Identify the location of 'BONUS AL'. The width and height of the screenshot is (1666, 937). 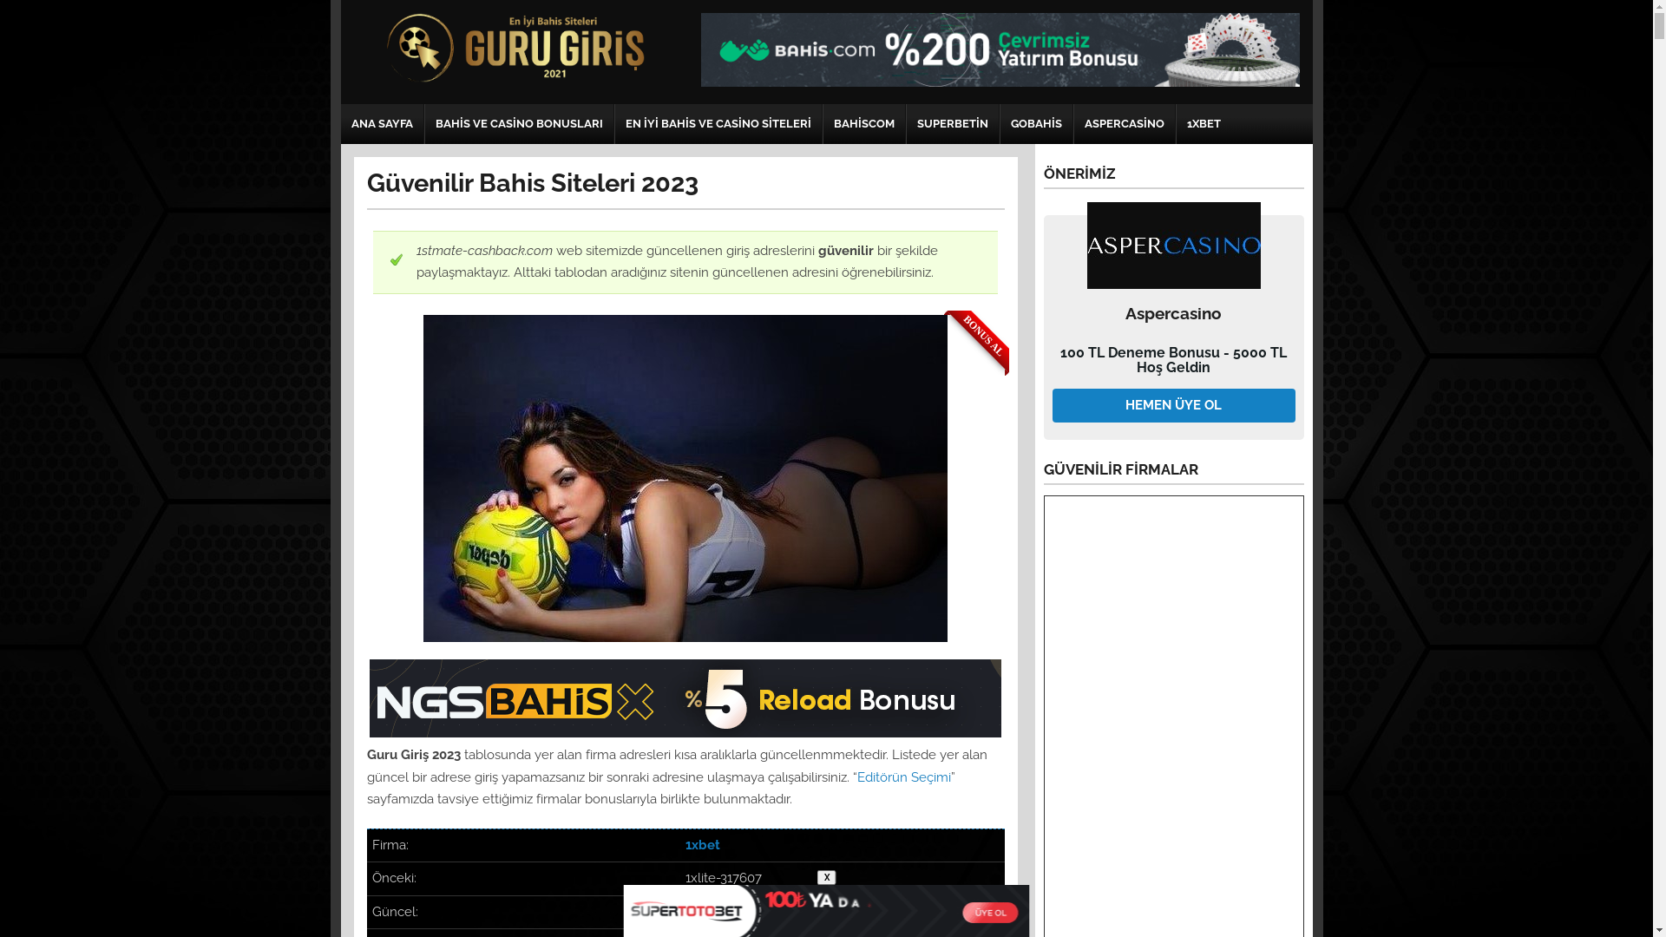
(684, 478).